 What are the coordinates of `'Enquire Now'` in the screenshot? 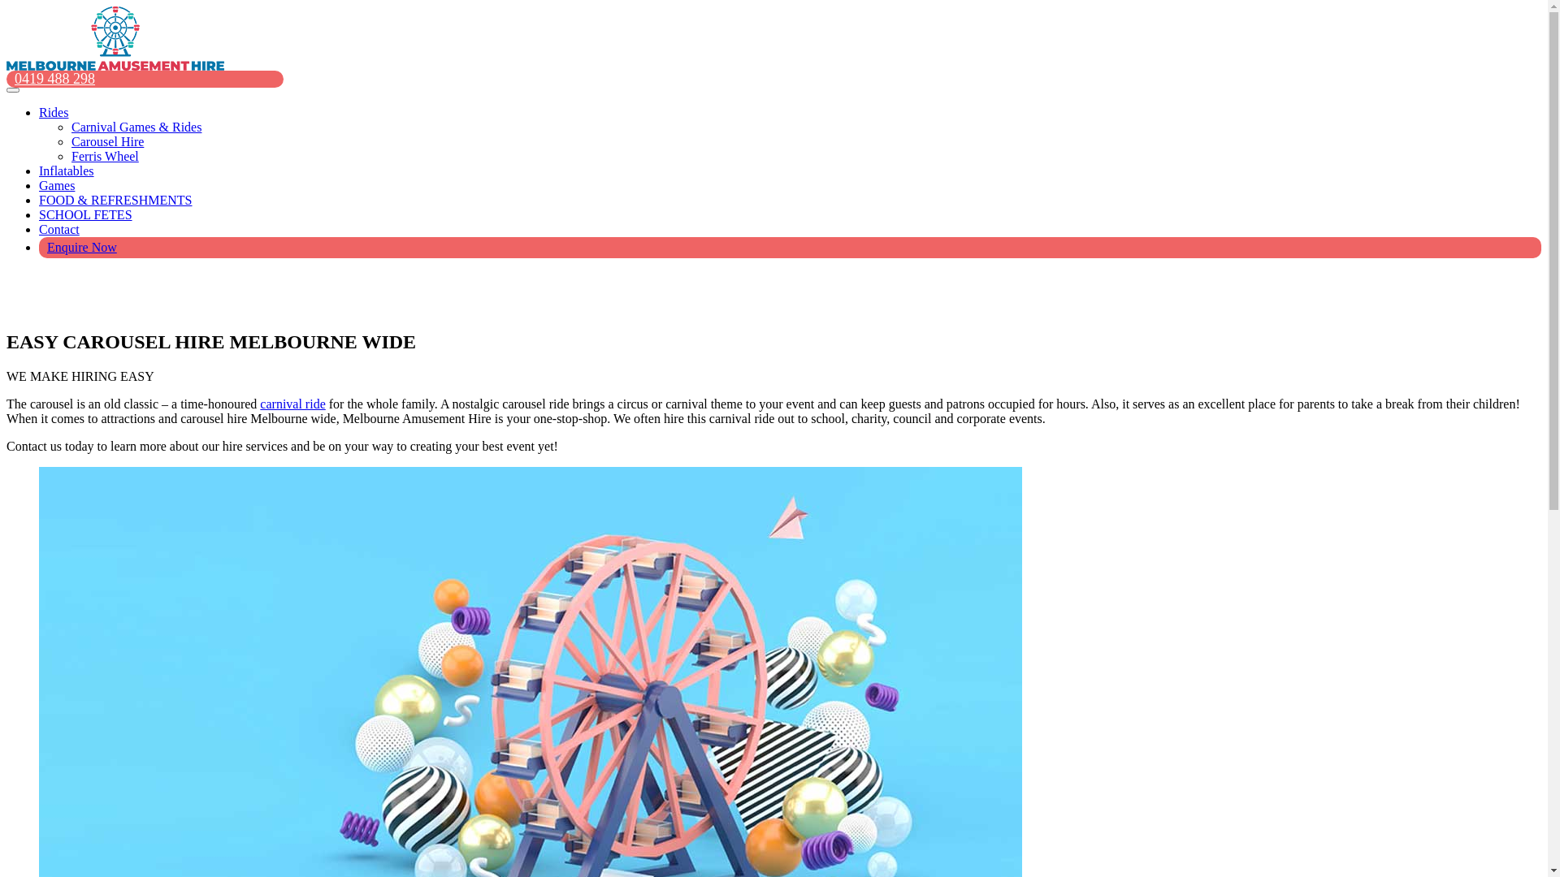 It's located at (80, 247).